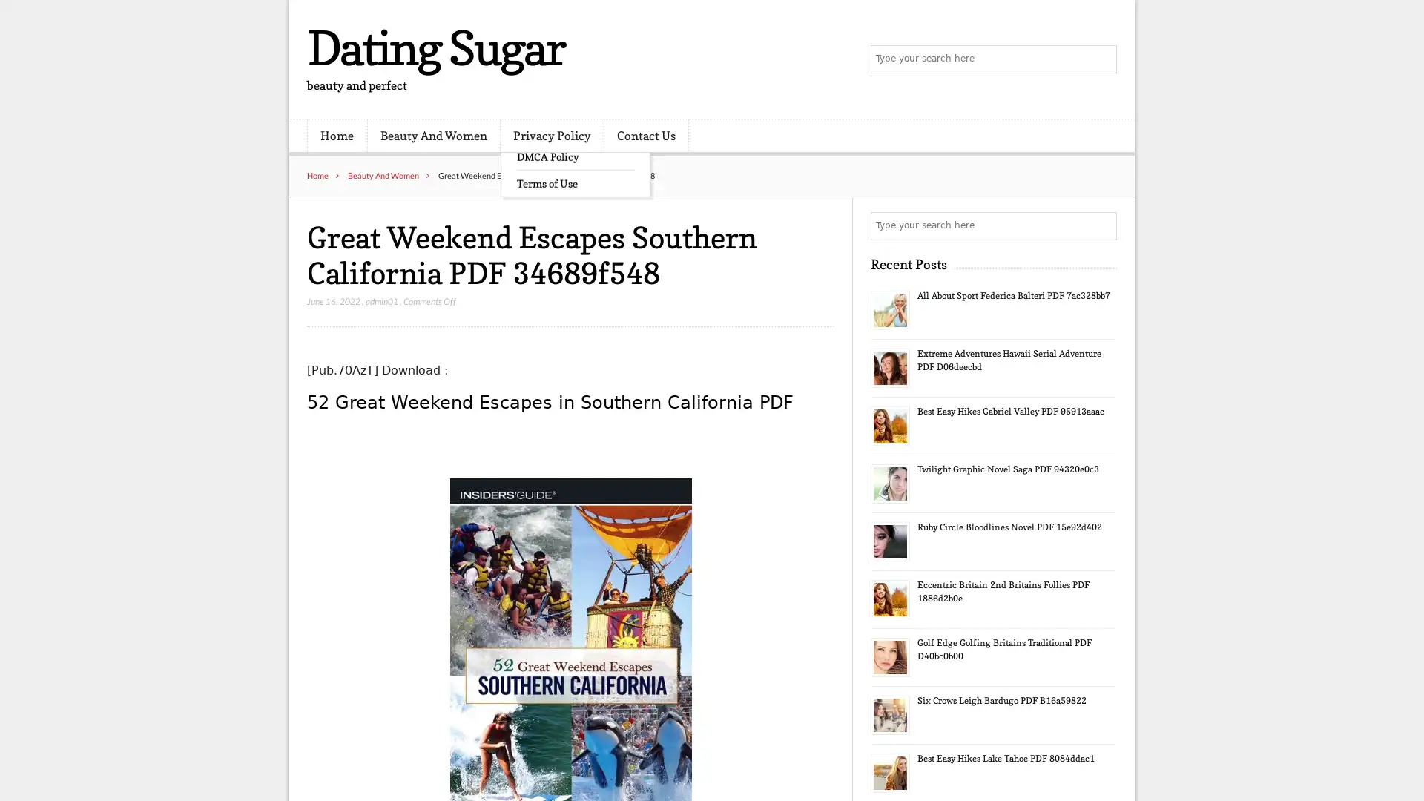 This screenshot has width=1424, height=801. Describe the element at coordinates (1101, 225) in the screenshot. I see `Search` at that location.